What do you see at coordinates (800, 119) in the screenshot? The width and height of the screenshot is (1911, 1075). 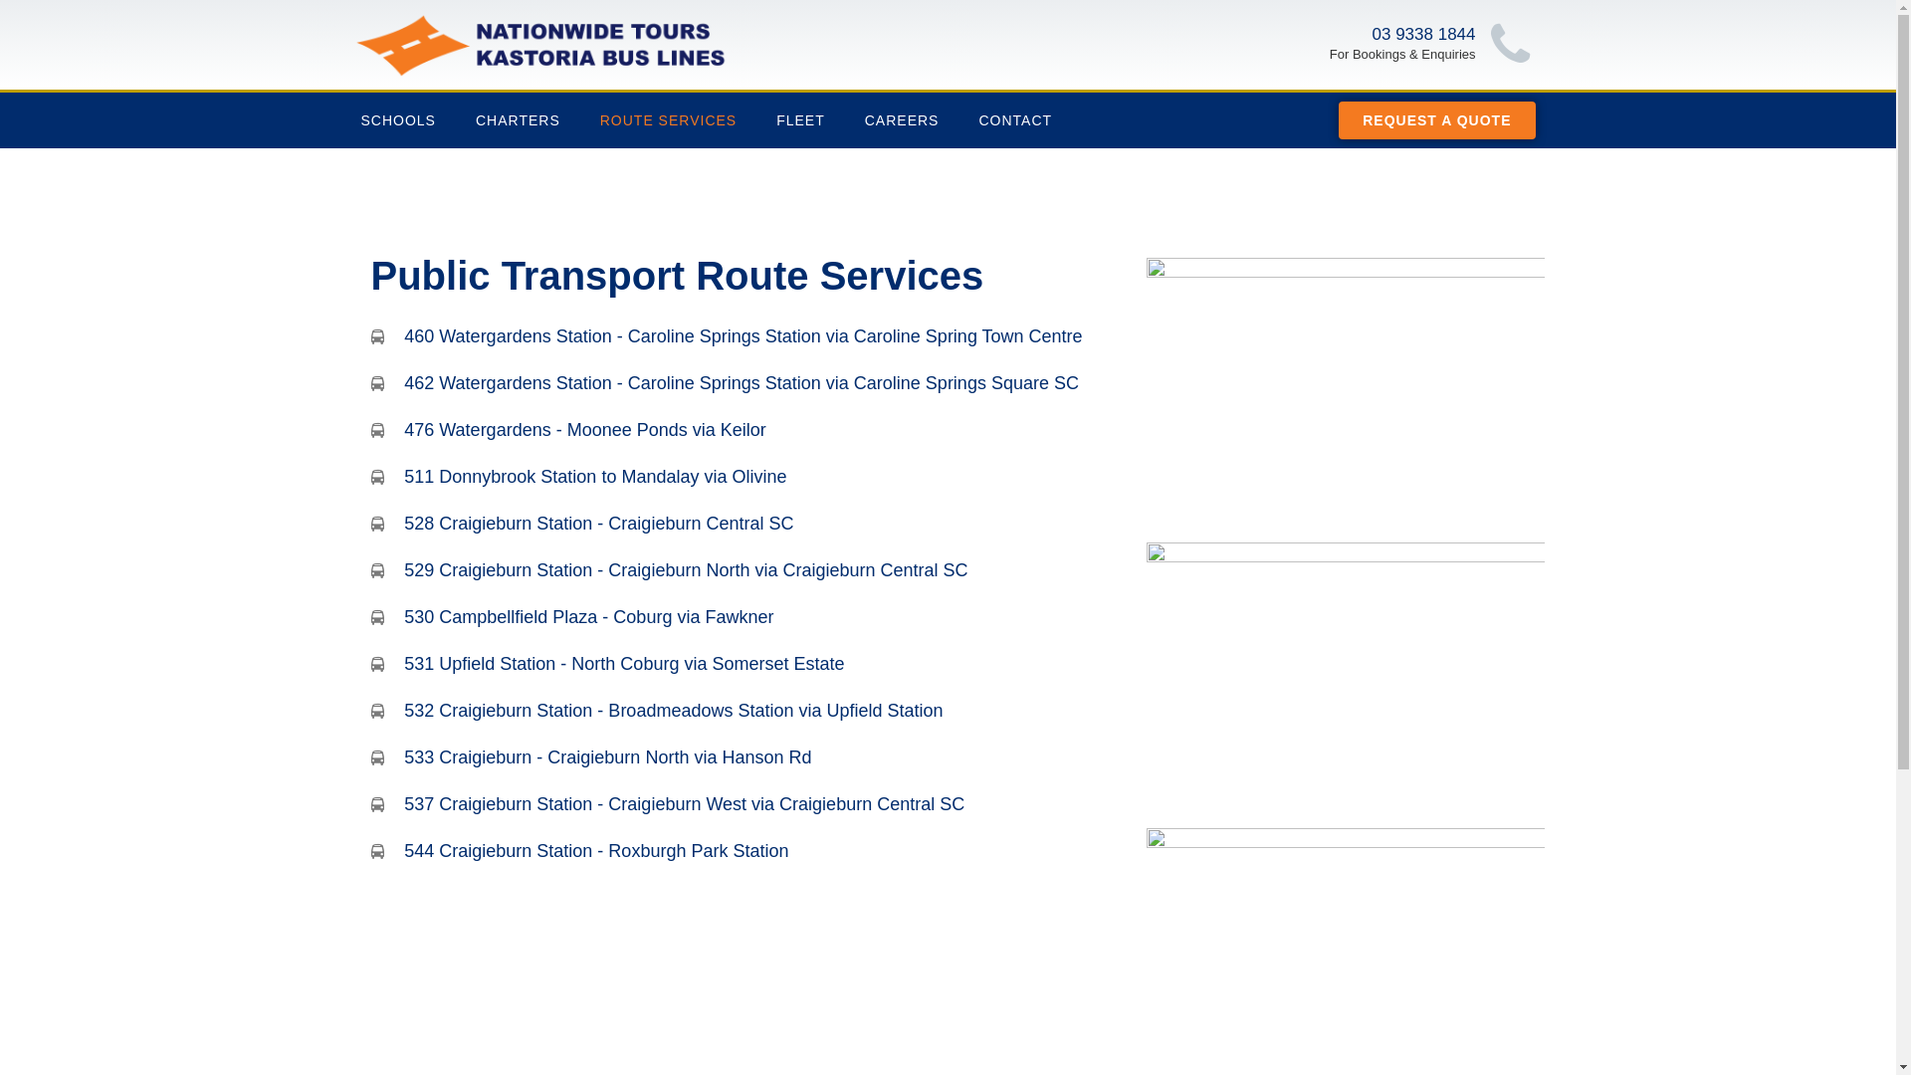 I see `'FLEET'` at bounding box center [800, 119].